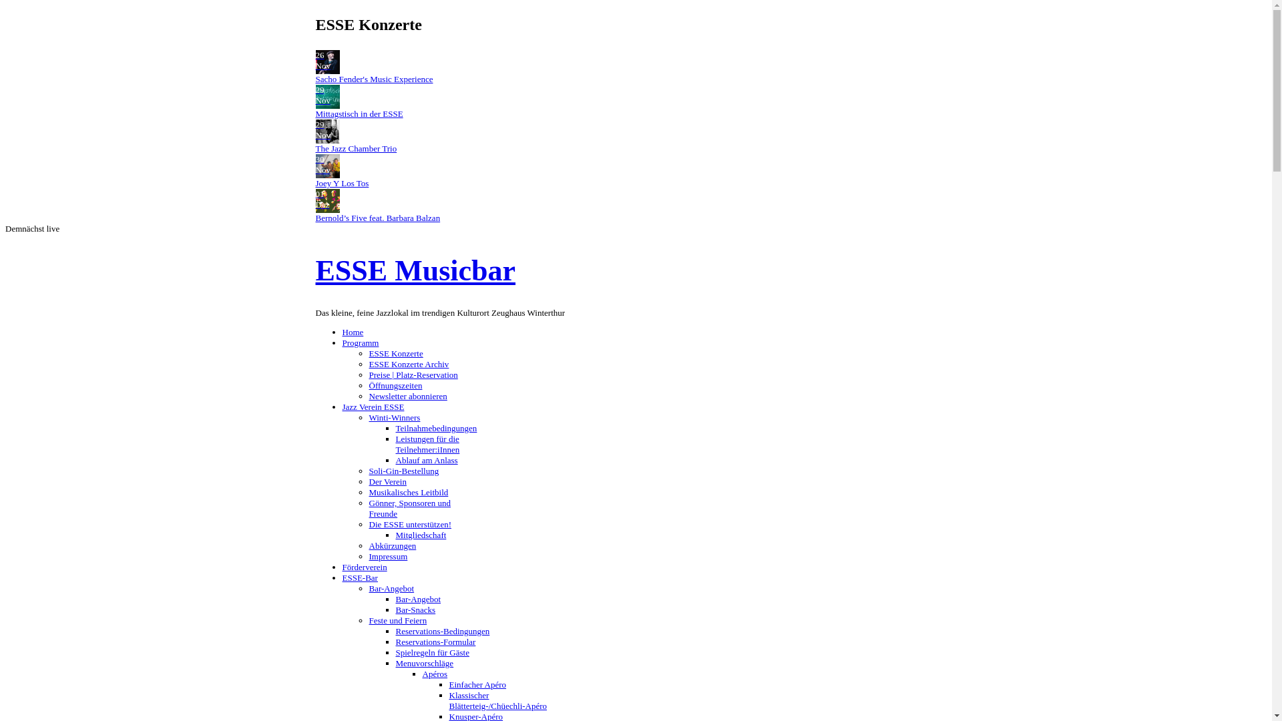 Image resolution: width=1282 pixels, height=721 pixels. Describe the element at coordinates (407, 364) in the screenshot. I see `'ESSE Konzerte Archiv'` at that location.